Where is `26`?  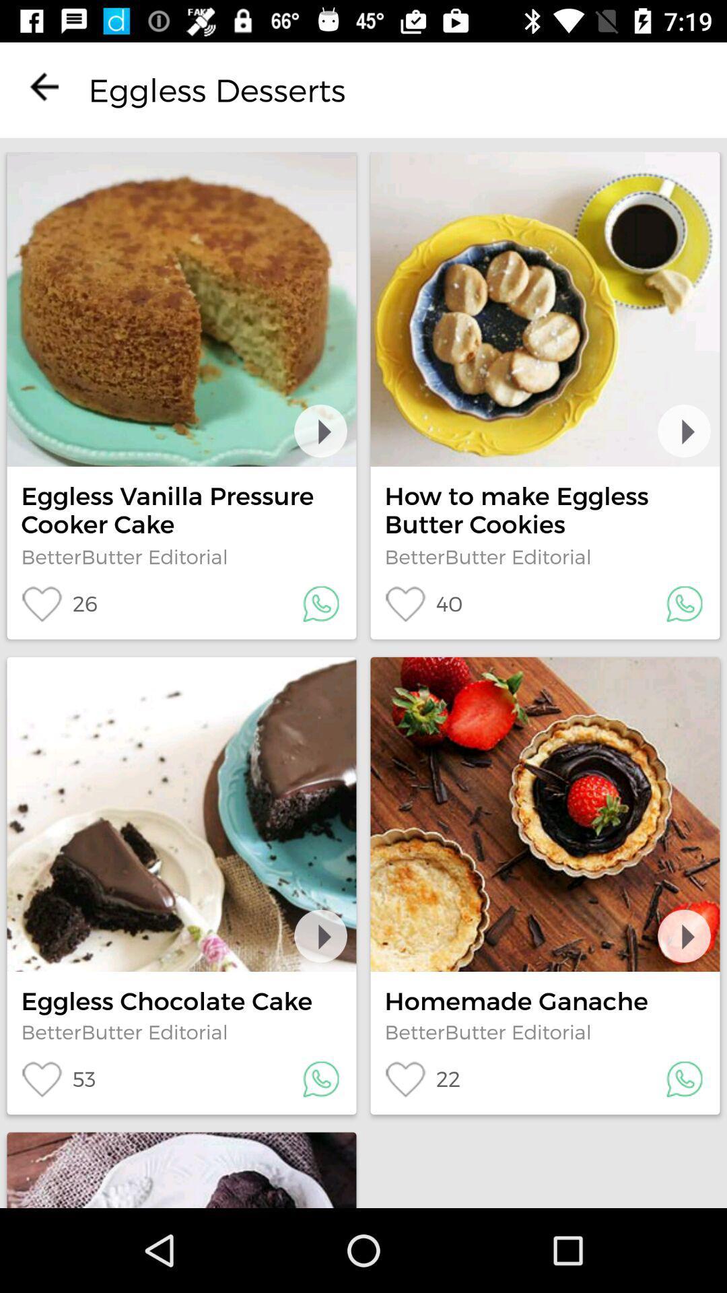 26 is located at coordinates (59, 603).